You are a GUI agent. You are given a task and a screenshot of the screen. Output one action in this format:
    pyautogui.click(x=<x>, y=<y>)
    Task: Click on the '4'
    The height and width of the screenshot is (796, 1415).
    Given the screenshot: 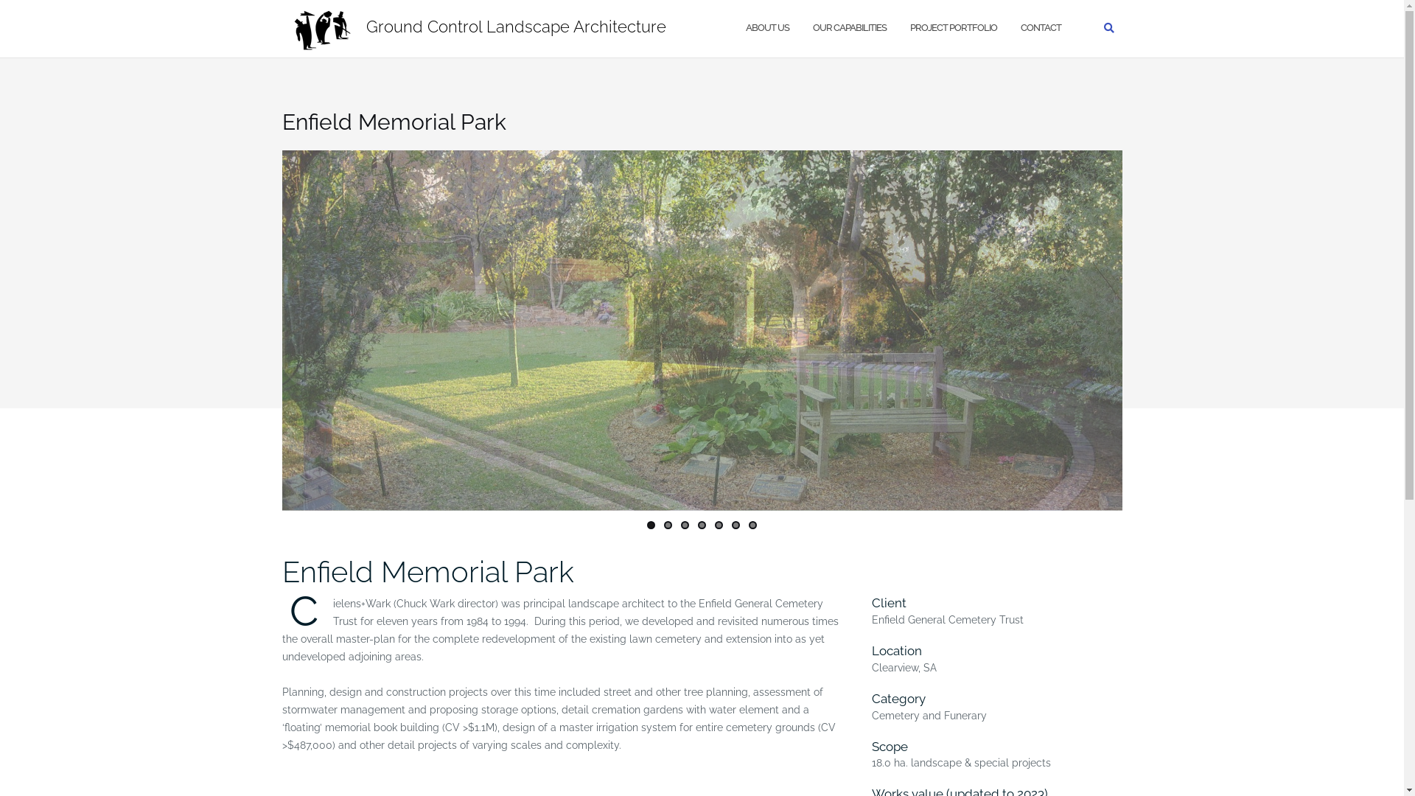 What is the action you would take?
    pyautogui.click(x=701, y=524)
    